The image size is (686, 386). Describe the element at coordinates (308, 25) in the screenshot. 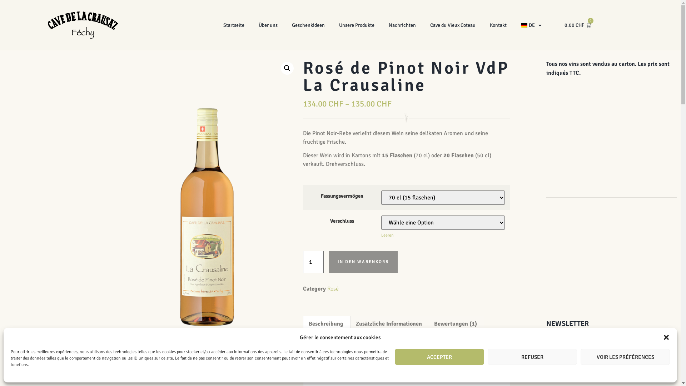

I see `'Geschenkideen'` at that location.